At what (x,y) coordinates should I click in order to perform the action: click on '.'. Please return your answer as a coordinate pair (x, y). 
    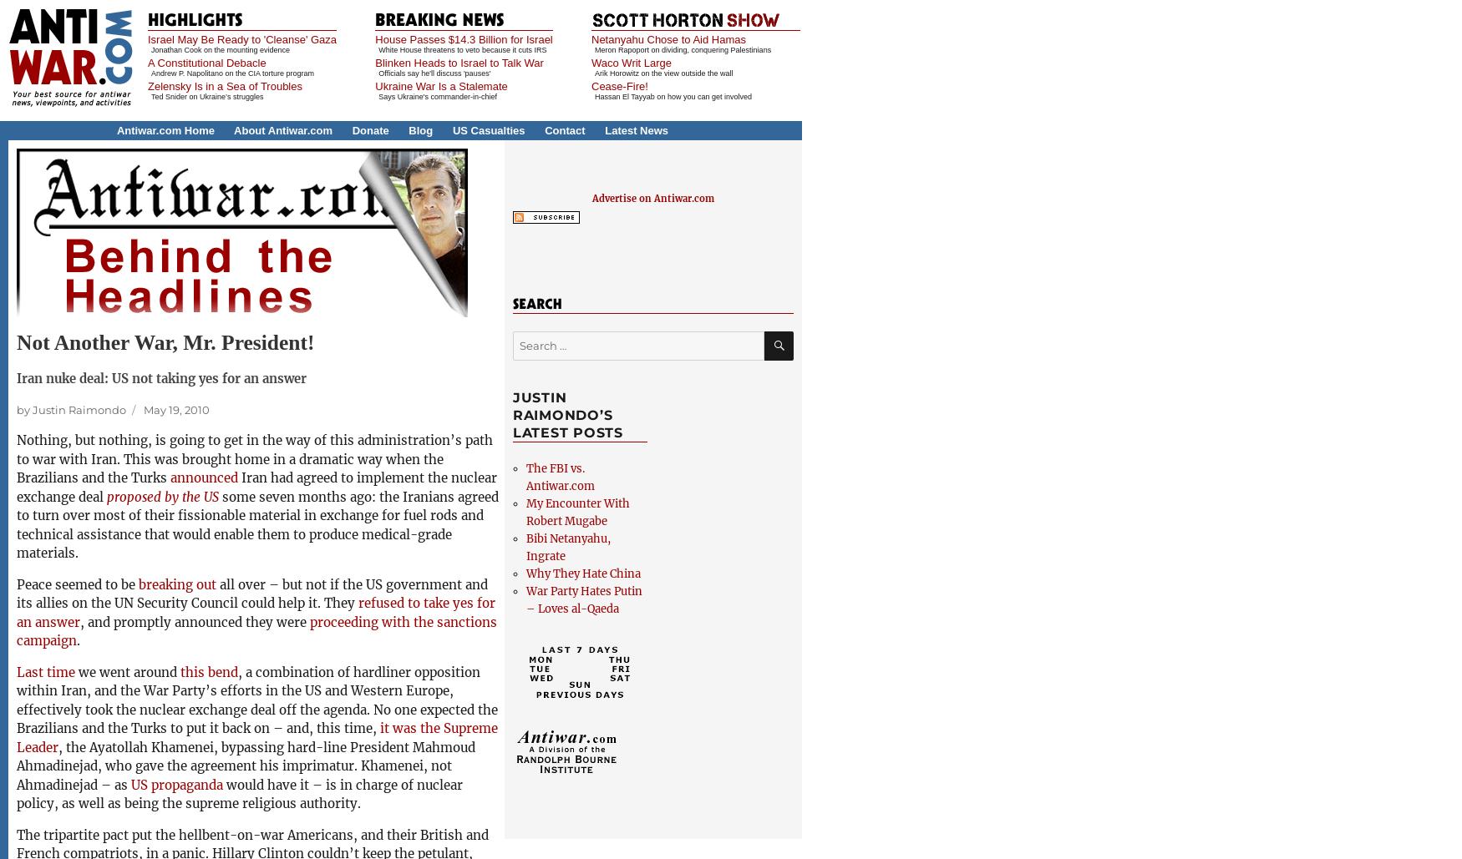
    Looking at the image, I should click on (78, 640).